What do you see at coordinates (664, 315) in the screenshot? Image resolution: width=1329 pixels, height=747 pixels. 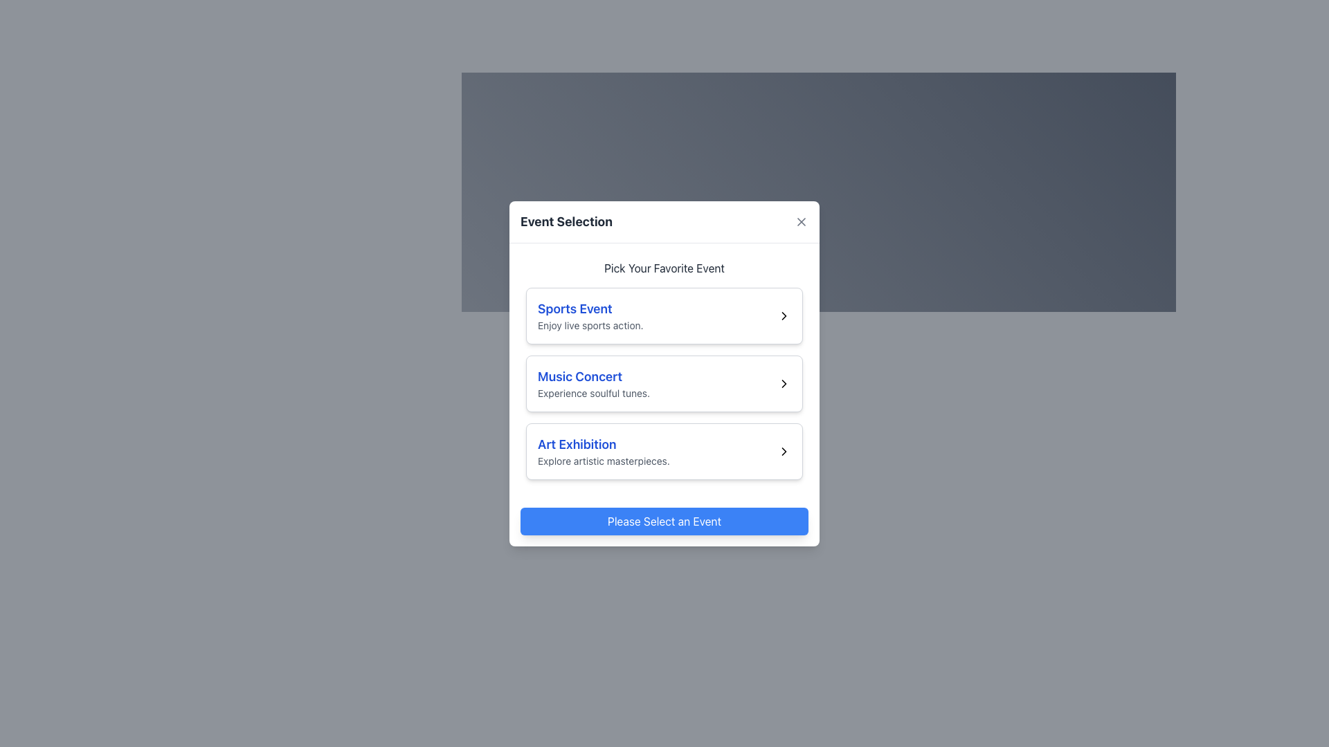 I see `focus on the first clickable card labeled 'Sports Event' in the 'Event Selection' modal window` at bounding box center [664, 315].